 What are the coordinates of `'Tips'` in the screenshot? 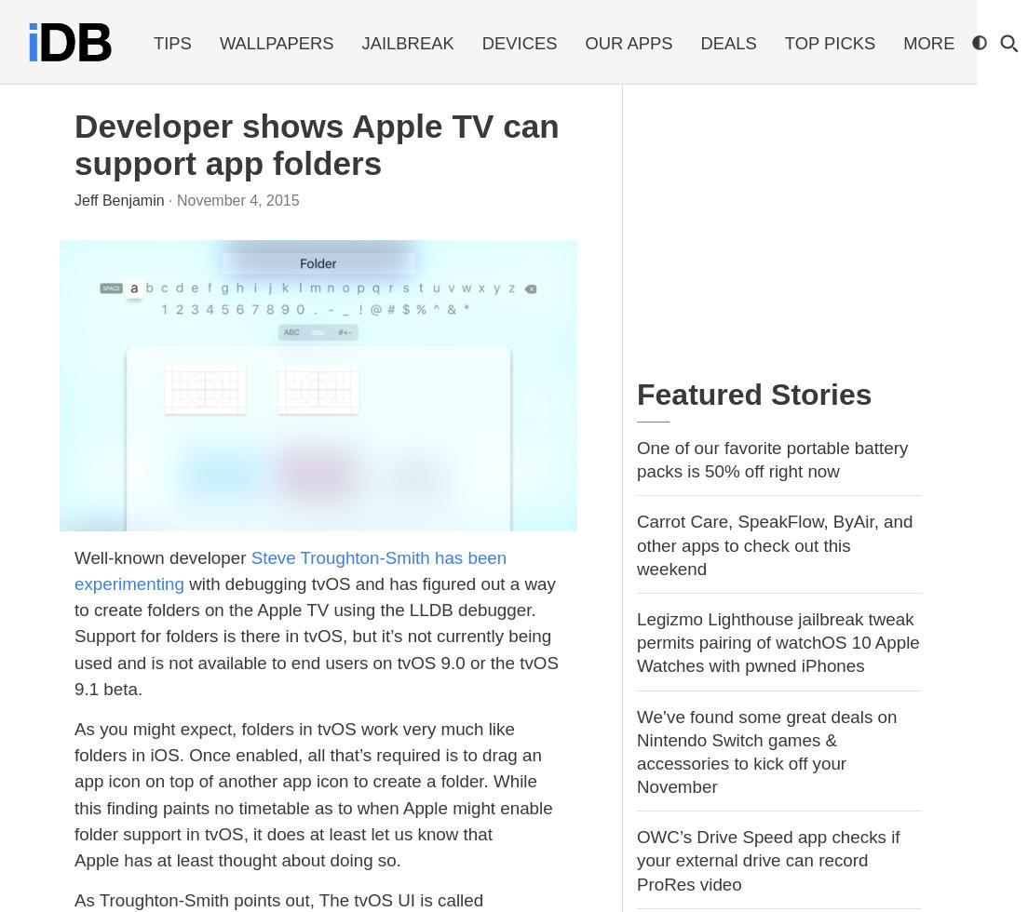 It's located at (171, 43).